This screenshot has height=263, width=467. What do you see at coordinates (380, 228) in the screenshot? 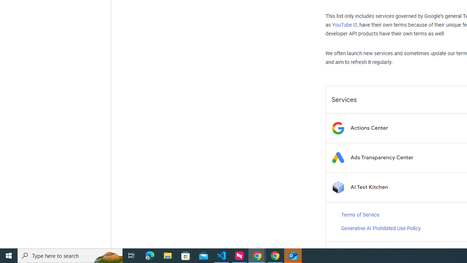
I see `'Generative AI Prohibited Use Policy'` at bounding box center [380, 228].